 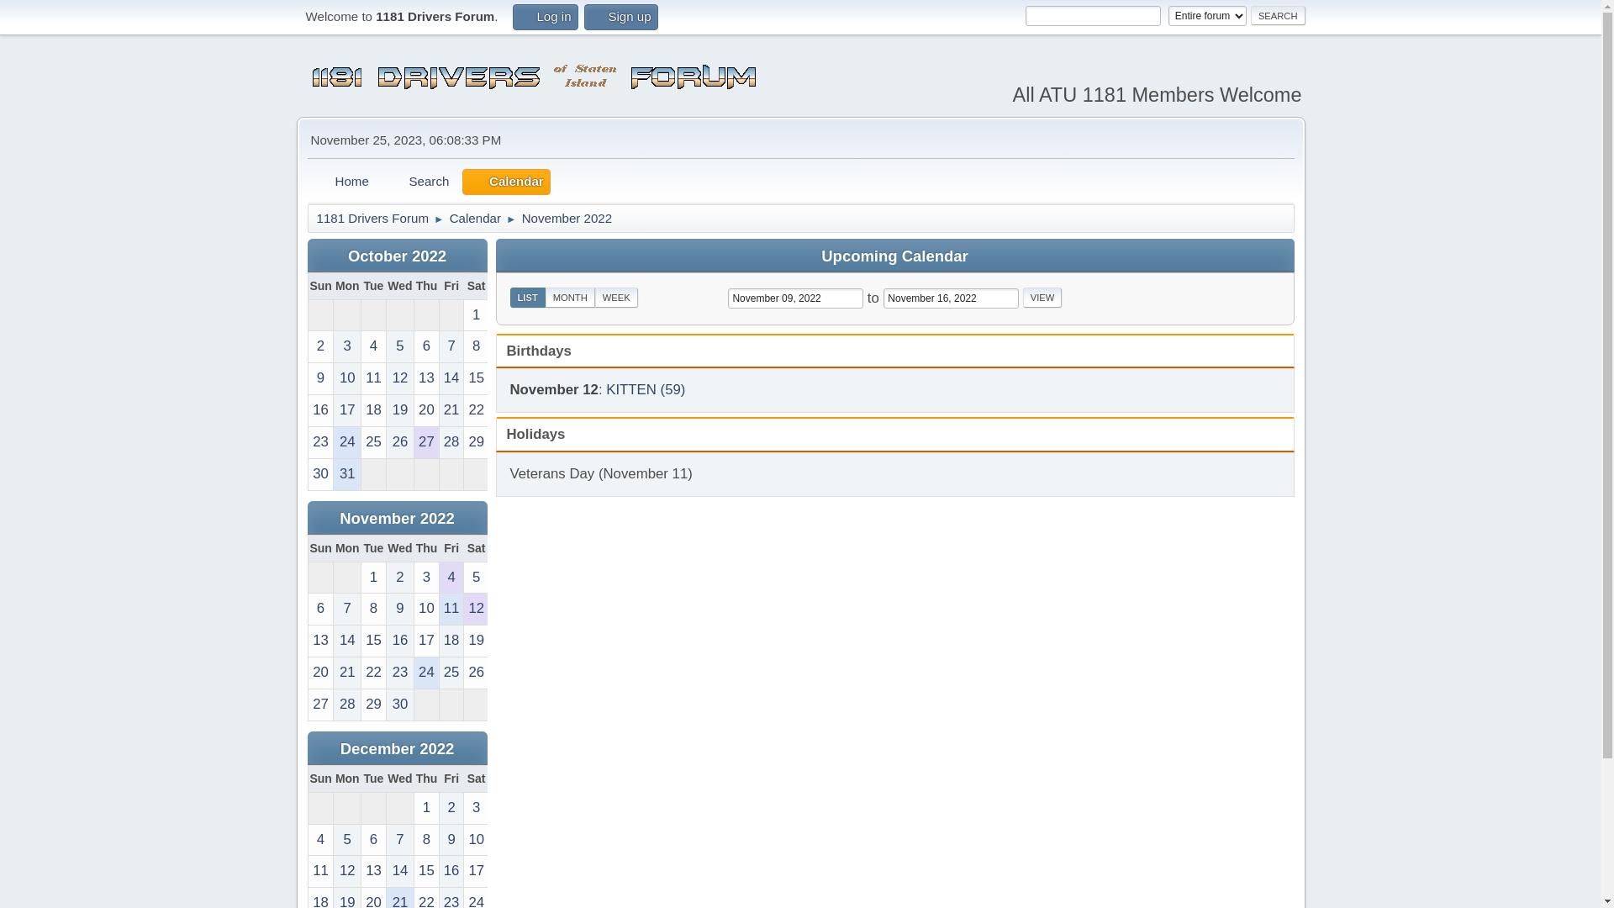 I want to click on 'November 2022', so click(x=396, y=517).